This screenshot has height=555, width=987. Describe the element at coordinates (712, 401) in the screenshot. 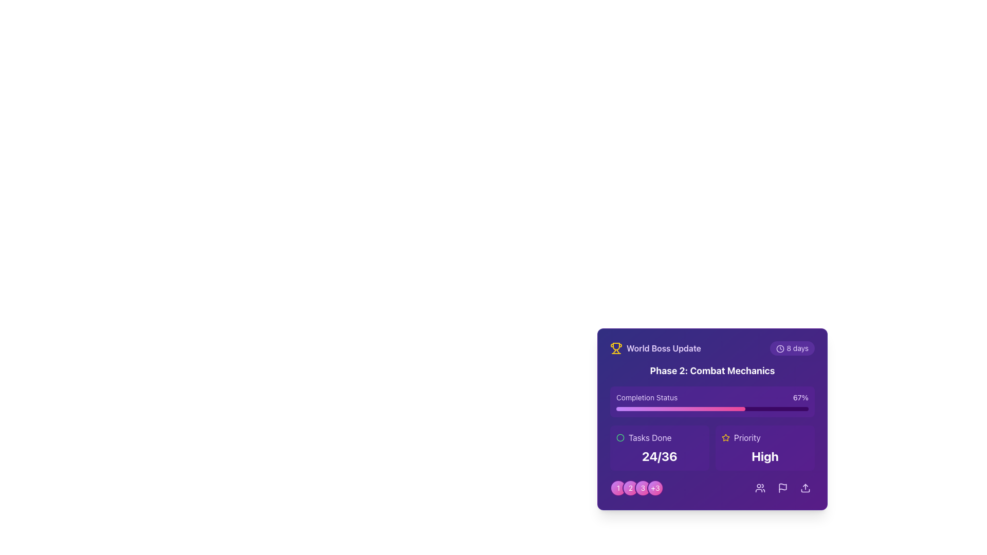

I see `the progress bar component displaying 67% completion, located under the 'Phase 2: Combat Mechanics' title, for visual information` at that location.